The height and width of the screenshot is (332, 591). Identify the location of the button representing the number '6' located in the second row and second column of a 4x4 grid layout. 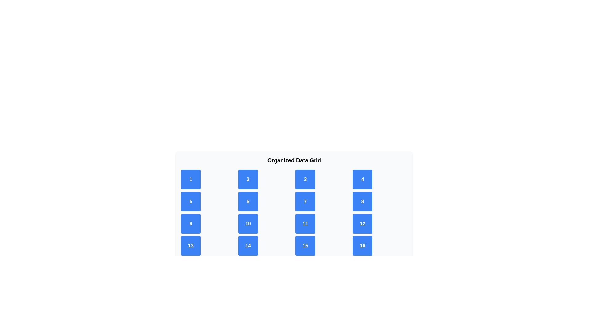
(248, 201).